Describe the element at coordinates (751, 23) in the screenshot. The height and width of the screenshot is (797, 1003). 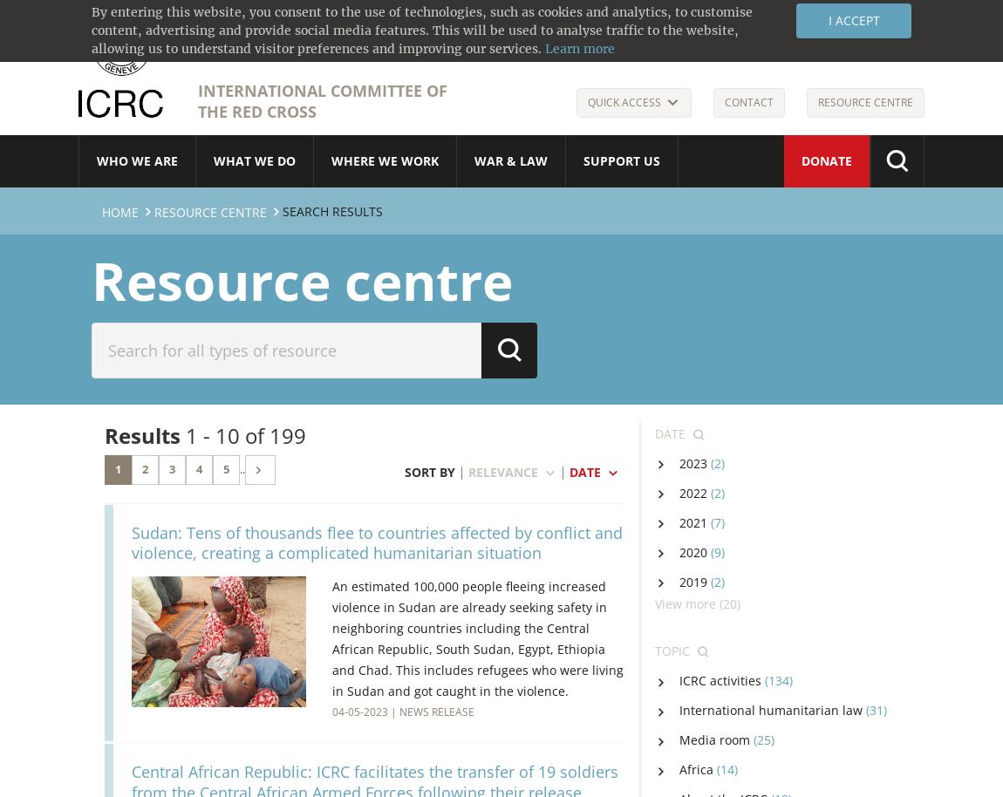
I see `'Español'` at that location.